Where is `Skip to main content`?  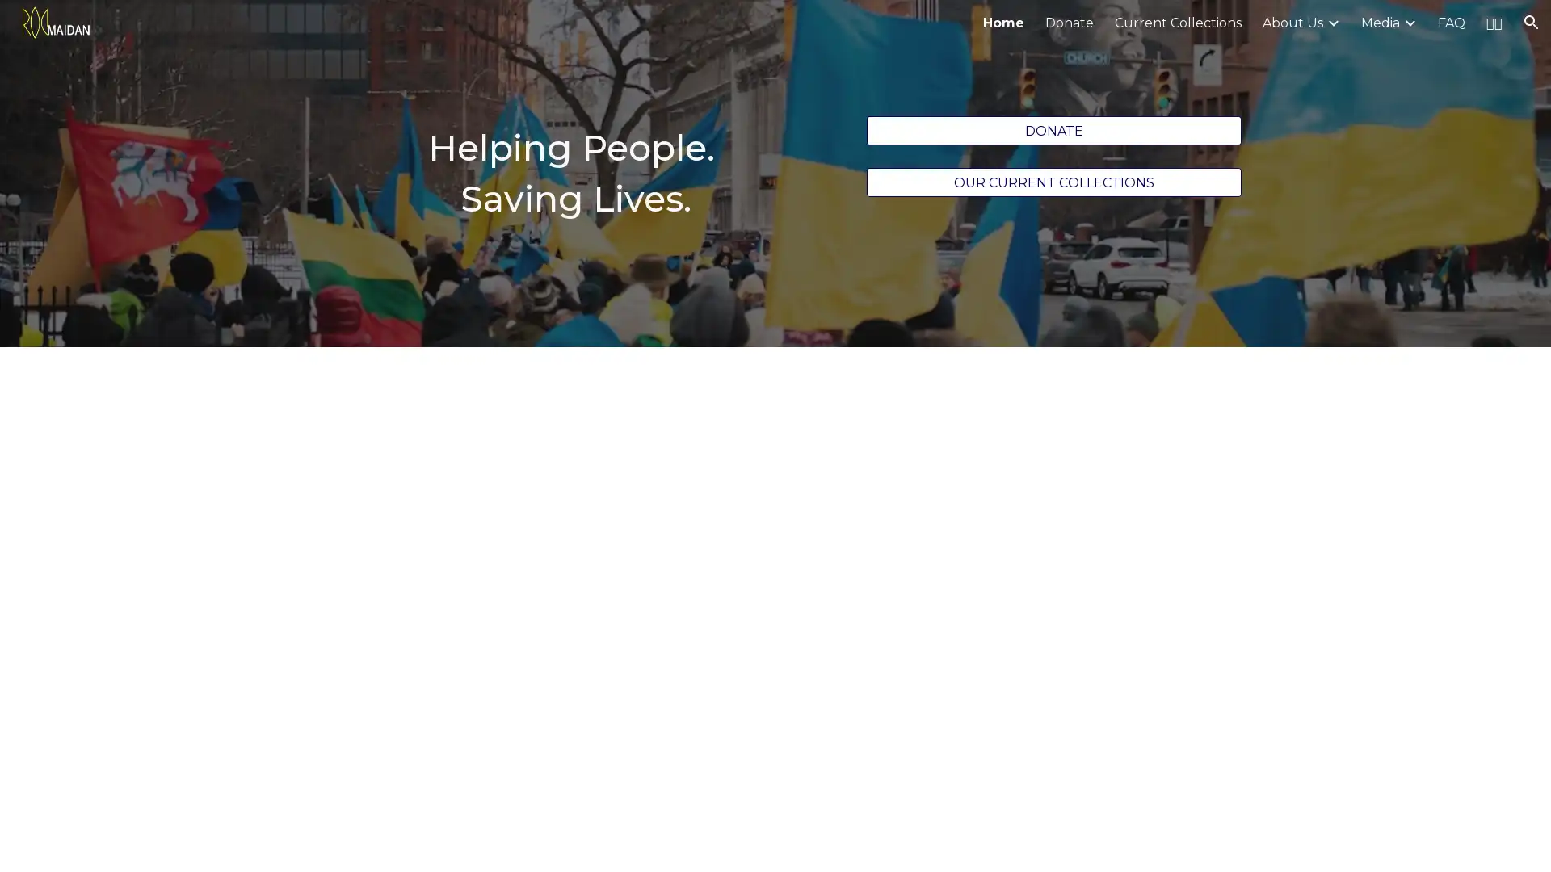 Skip to main content is located at coordinates (636, 30).